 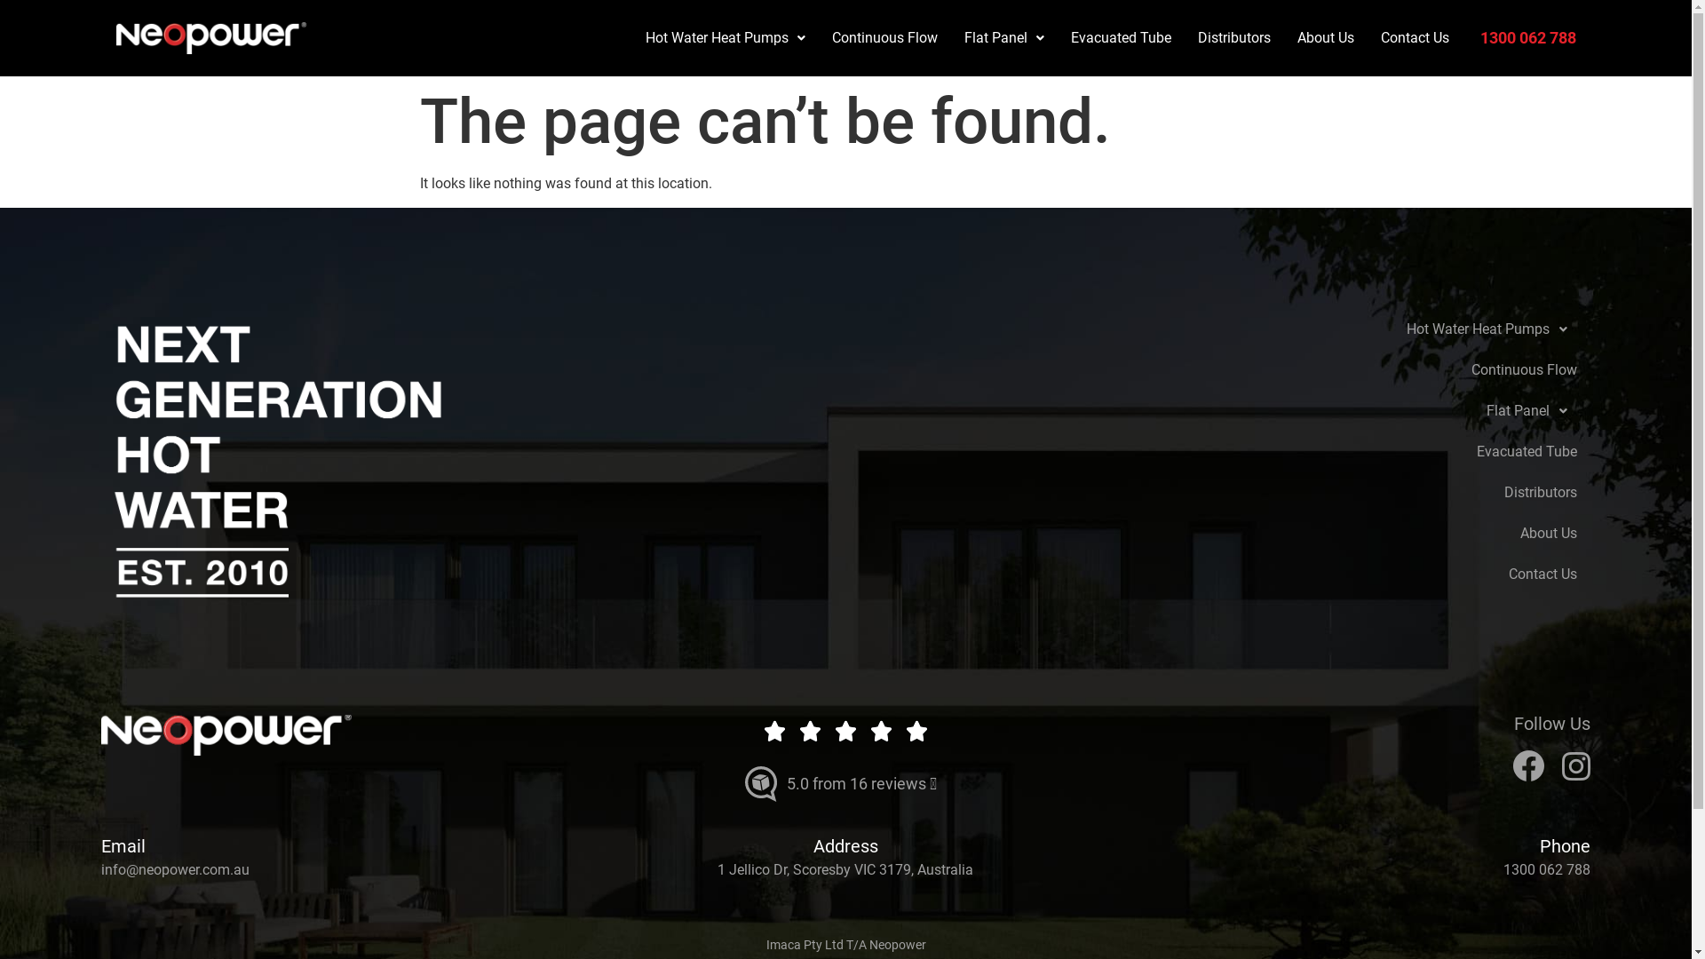 I want to click on 'About Us', so click(x=1471, y=533).